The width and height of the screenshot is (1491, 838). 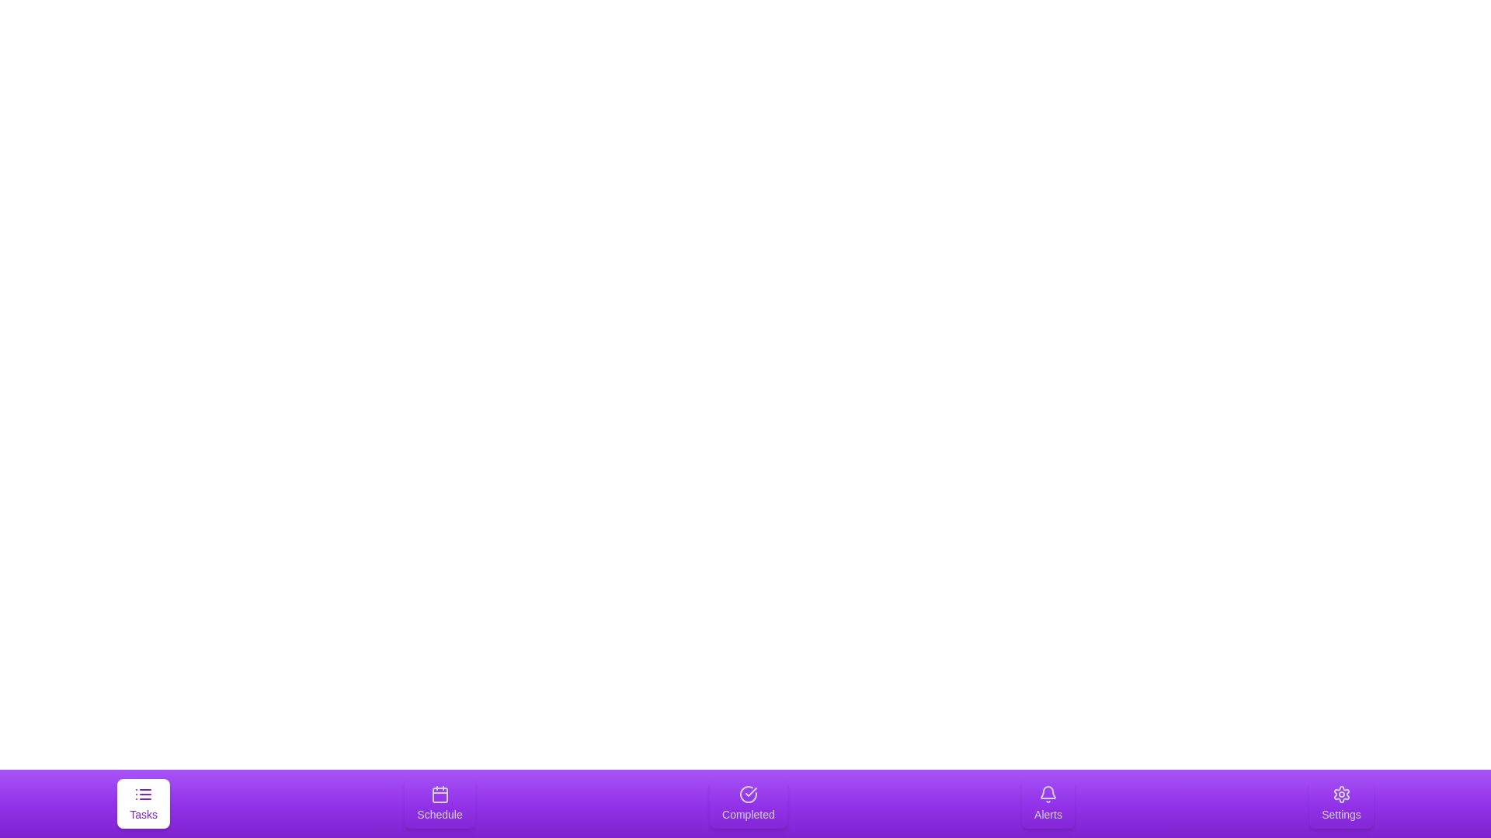 What do you see at coordinates (749, 803) in the screenshot?
I see `the Completed tab to select it` at bounding box center [749, 803].